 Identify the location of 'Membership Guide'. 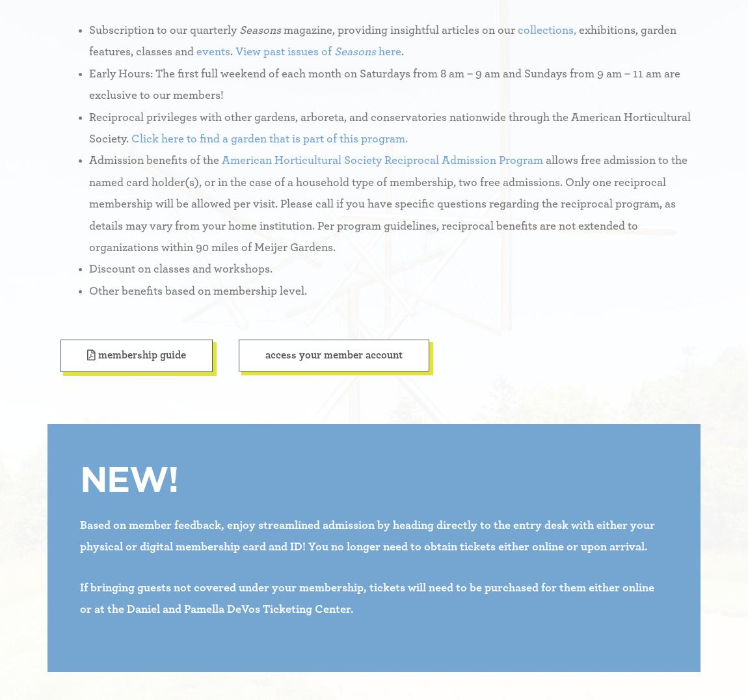
(141, 354).